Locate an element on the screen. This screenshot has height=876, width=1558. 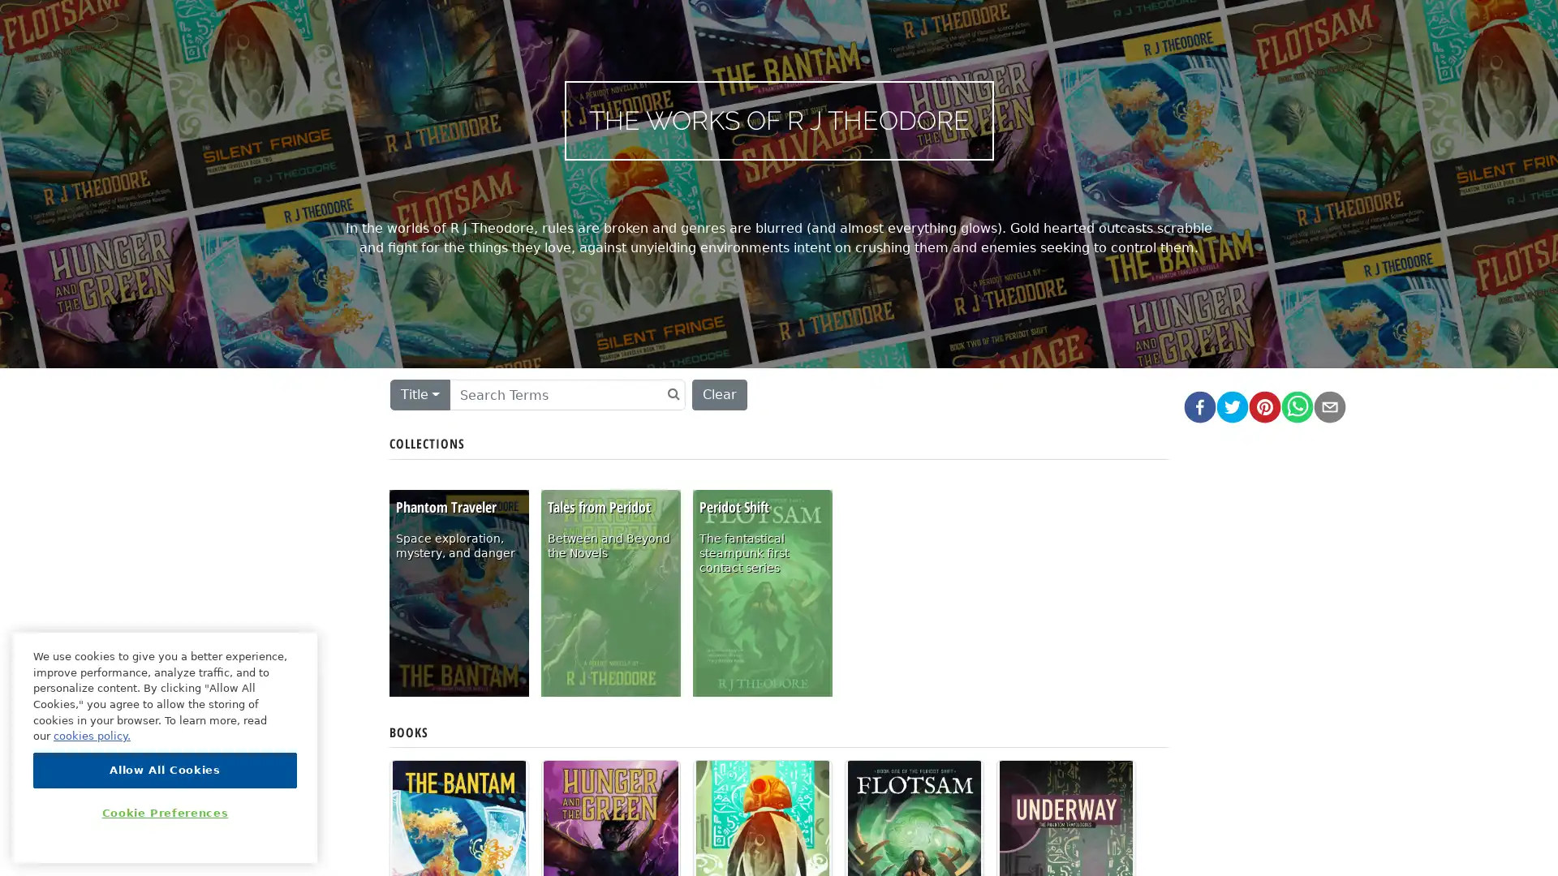
Clear is located at coordinates (718, 394).